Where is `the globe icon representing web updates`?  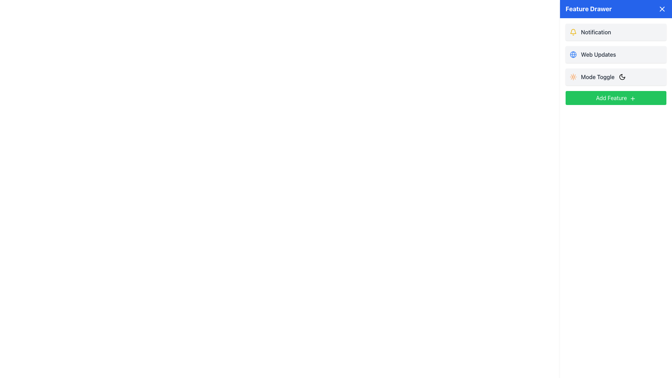
the globe icon representing web updates is located at coordinates (573, 54).